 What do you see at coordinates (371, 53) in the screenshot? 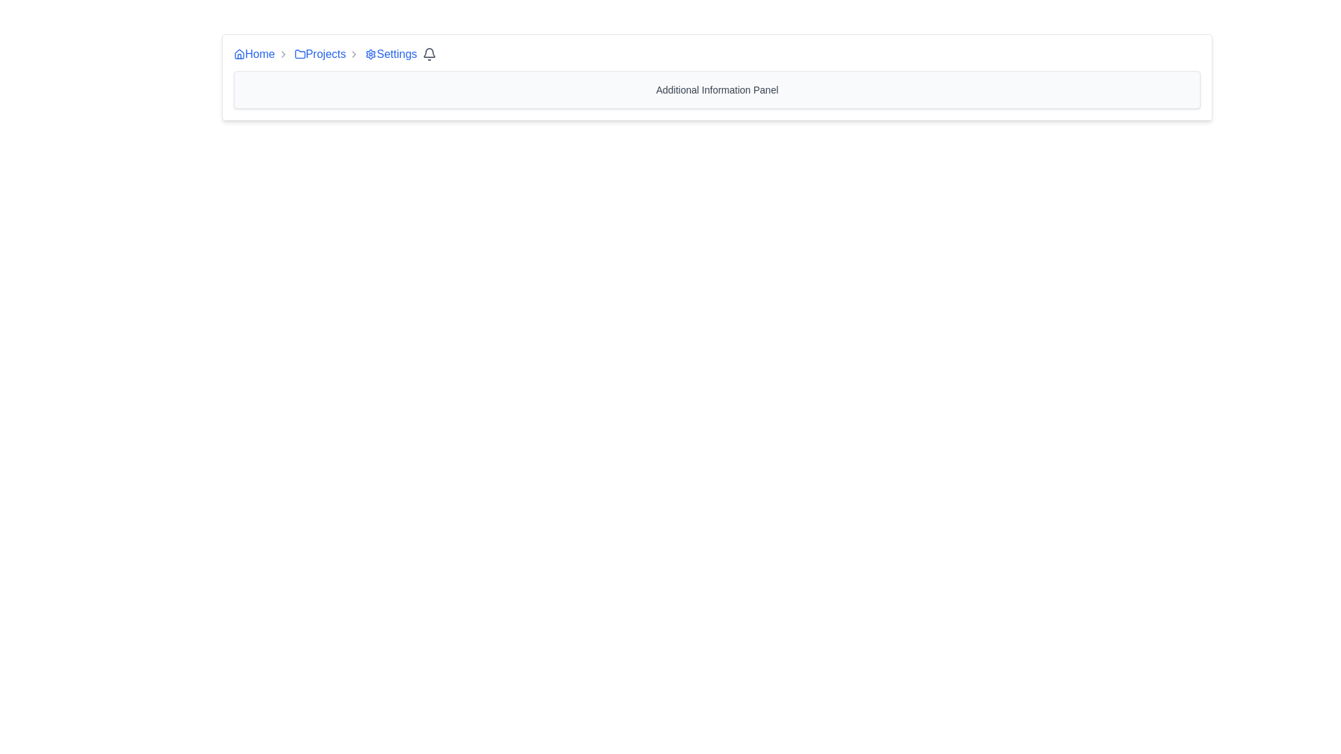
I see `the gear-shaped icon segment located in the settings icon on the top navigation bar, which is positioned to the right of the breadcrumb links and before the notification icon` at bounding box center [371, 53].